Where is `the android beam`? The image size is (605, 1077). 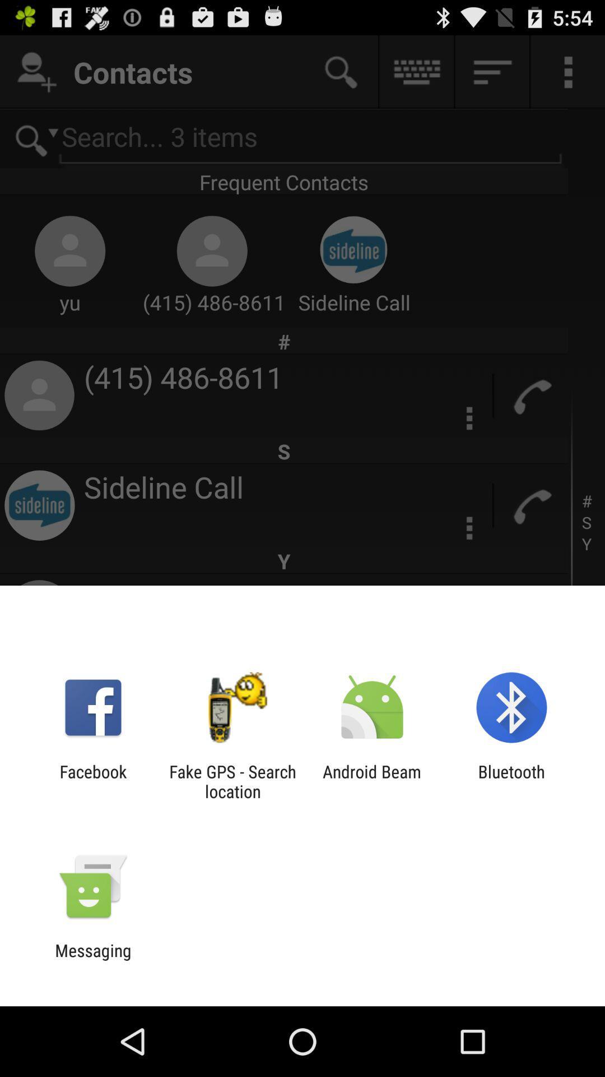 the android beam is located at coordinates (372, 781).